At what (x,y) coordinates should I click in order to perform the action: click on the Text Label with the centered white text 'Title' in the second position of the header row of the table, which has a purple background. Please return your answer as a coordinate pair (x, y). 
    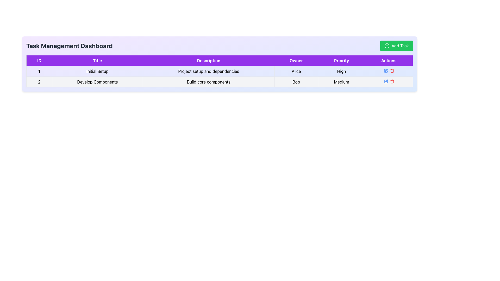
    Looking at the image, I should click on (97, 60).